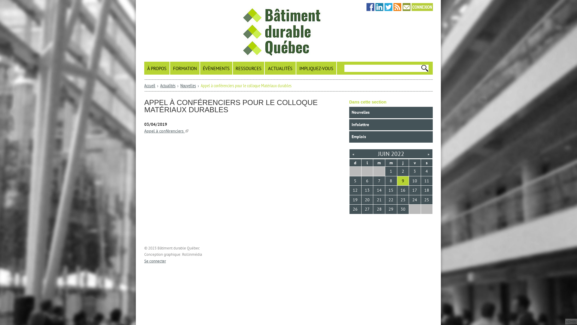 This screenshot has width=577, height=325. Describe the element at coordinates (249, 68) in the screenshot. I see `'RESSOURCES'` at that location.